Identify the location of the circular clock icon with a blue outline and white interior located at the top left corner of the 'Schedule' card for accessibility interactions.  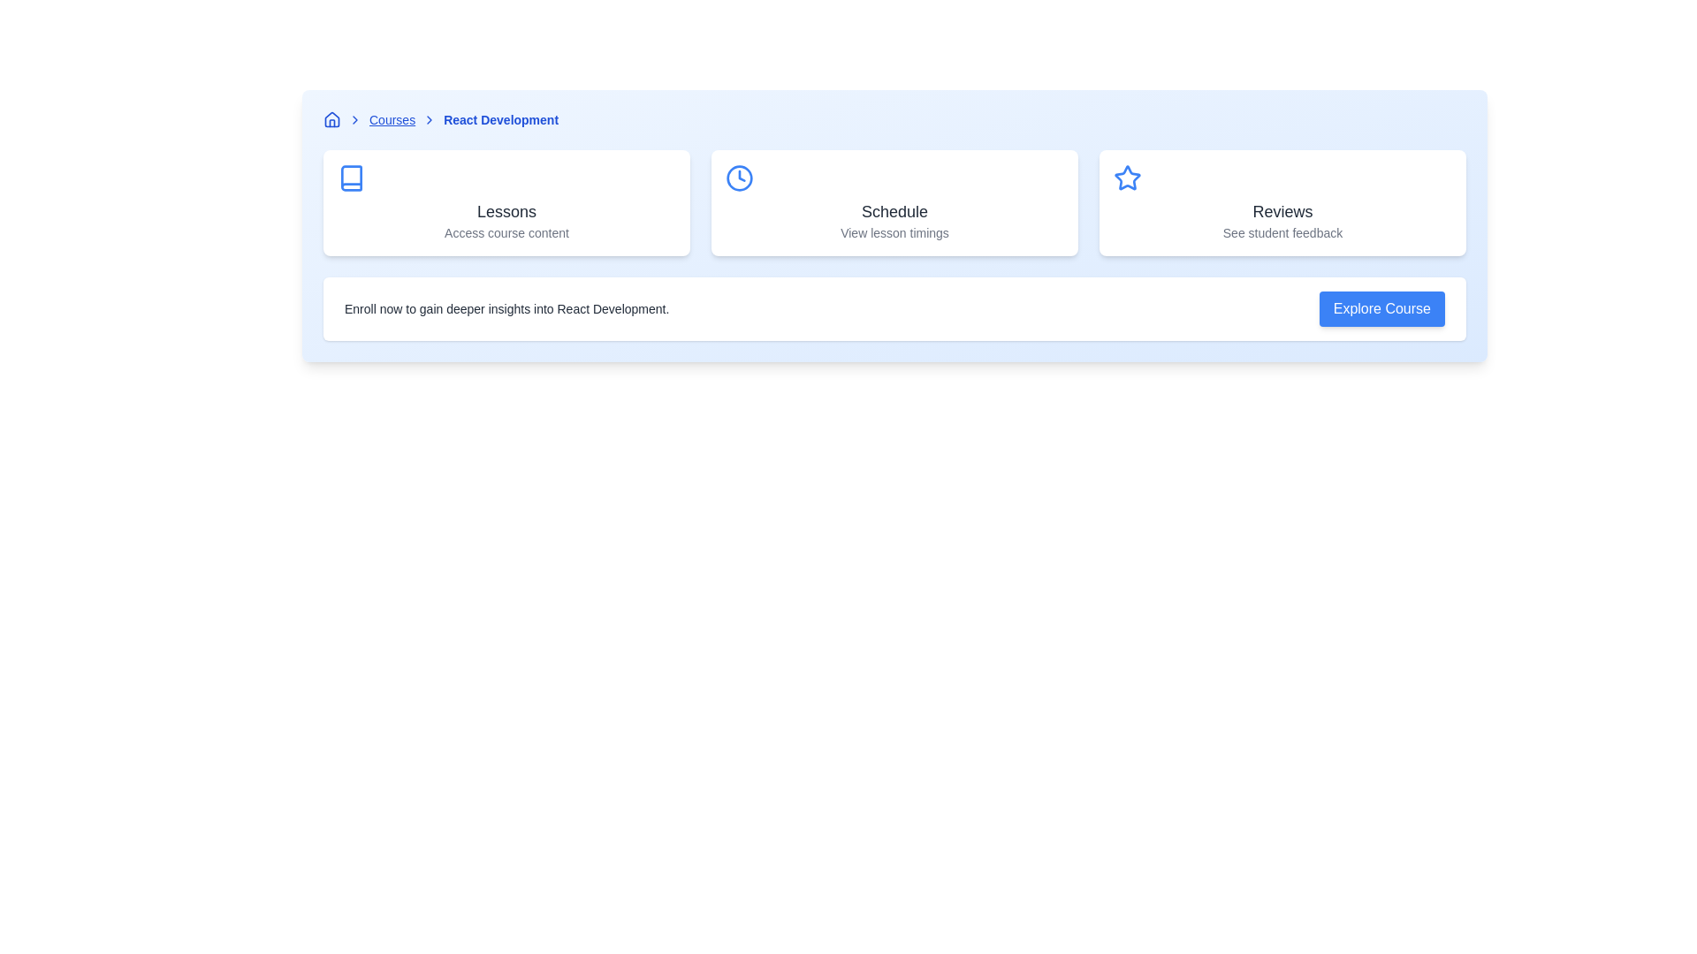
(739, 178).